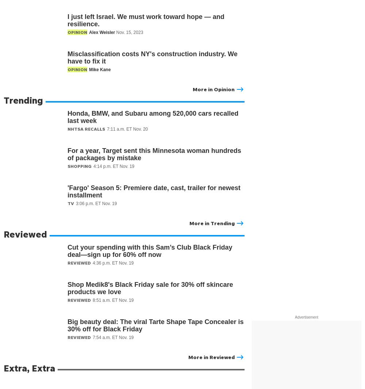 This screenshot has width=365, height=389. Describe the element at coordinates (150, 288) in the screenshot. I see `'Shop Medik8's Black Friday sale for 30% off skincare products we love'` at that location.